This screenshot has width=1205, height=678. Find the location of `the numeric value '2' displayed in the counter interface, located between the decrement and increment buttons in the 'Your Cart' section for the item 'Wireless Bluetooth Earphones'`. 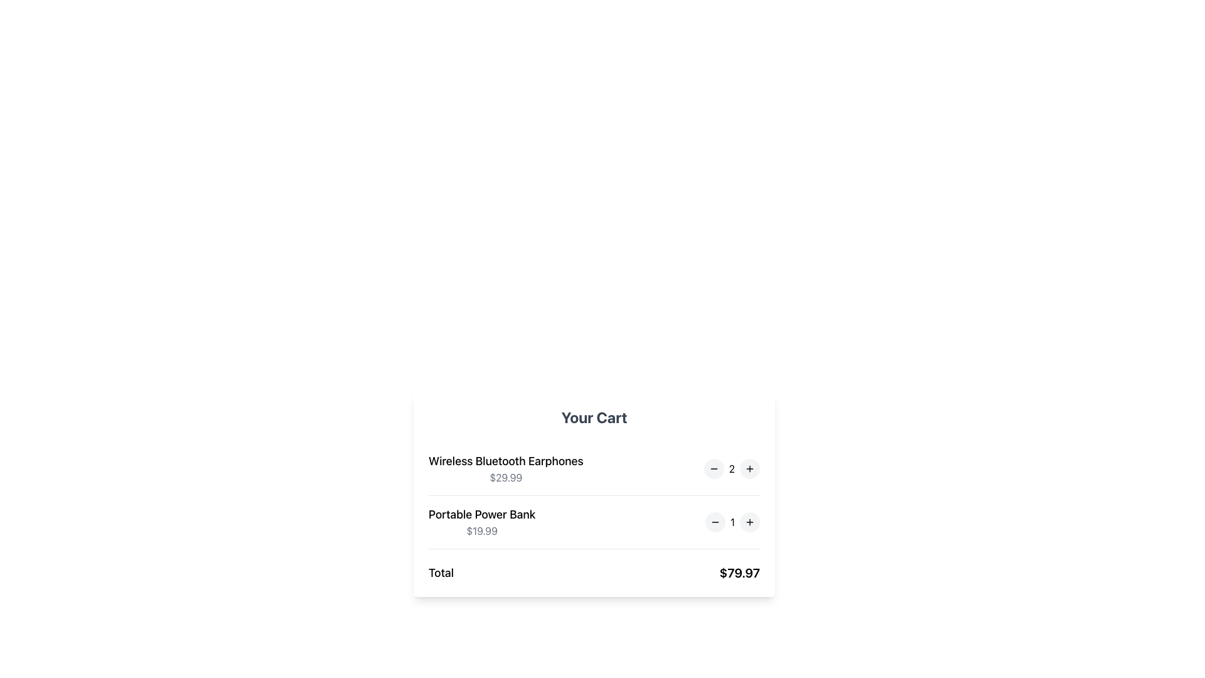

the numeric value '2' displayed in the counter interface, located between the decrement and increment buttons in the 'Your Cart' section for the item 'Wireless Bluetooth Earphones' is located at coordinates (732, 469).